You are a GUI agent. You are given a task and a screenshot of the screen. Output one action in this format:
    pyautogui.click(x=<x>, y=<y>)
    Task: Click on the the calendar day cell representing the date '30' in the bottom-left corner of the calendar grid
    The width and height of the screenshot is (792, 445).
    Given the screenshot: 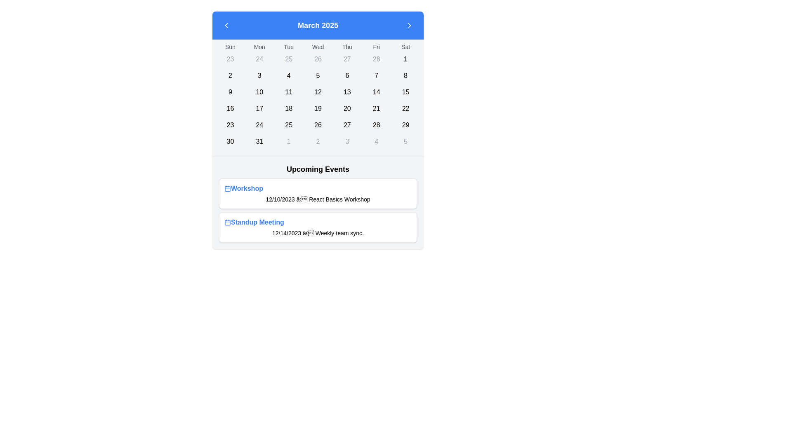 What is the action you would take?
    pyautogui.click(x=230, y=141)
    